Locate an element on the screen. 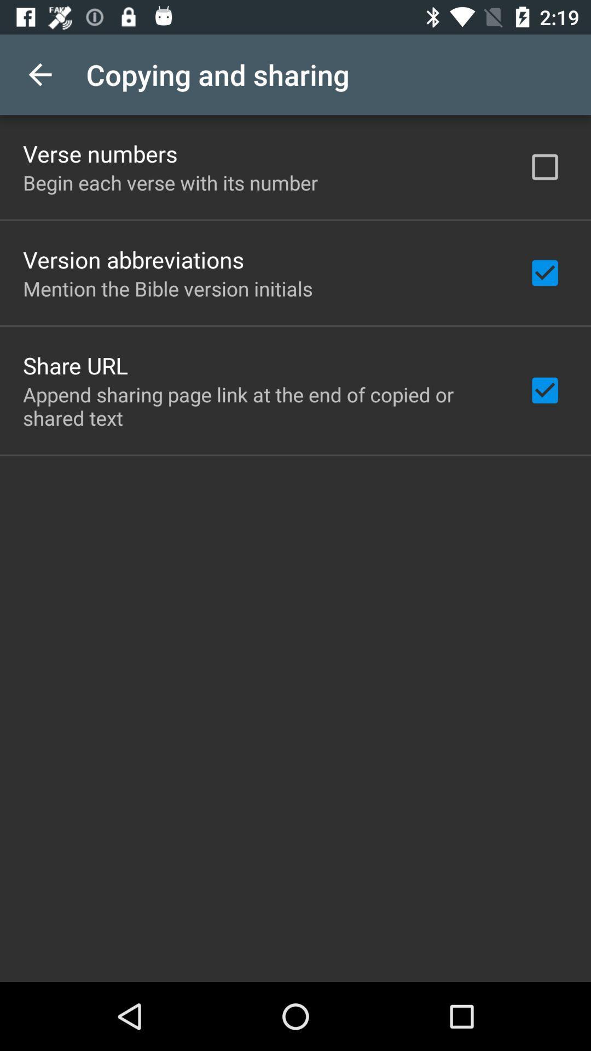 Image resolution: width=591 pixels, height=1051 pixels. icon below mention the bible icon is located at coordinates (75, 365).